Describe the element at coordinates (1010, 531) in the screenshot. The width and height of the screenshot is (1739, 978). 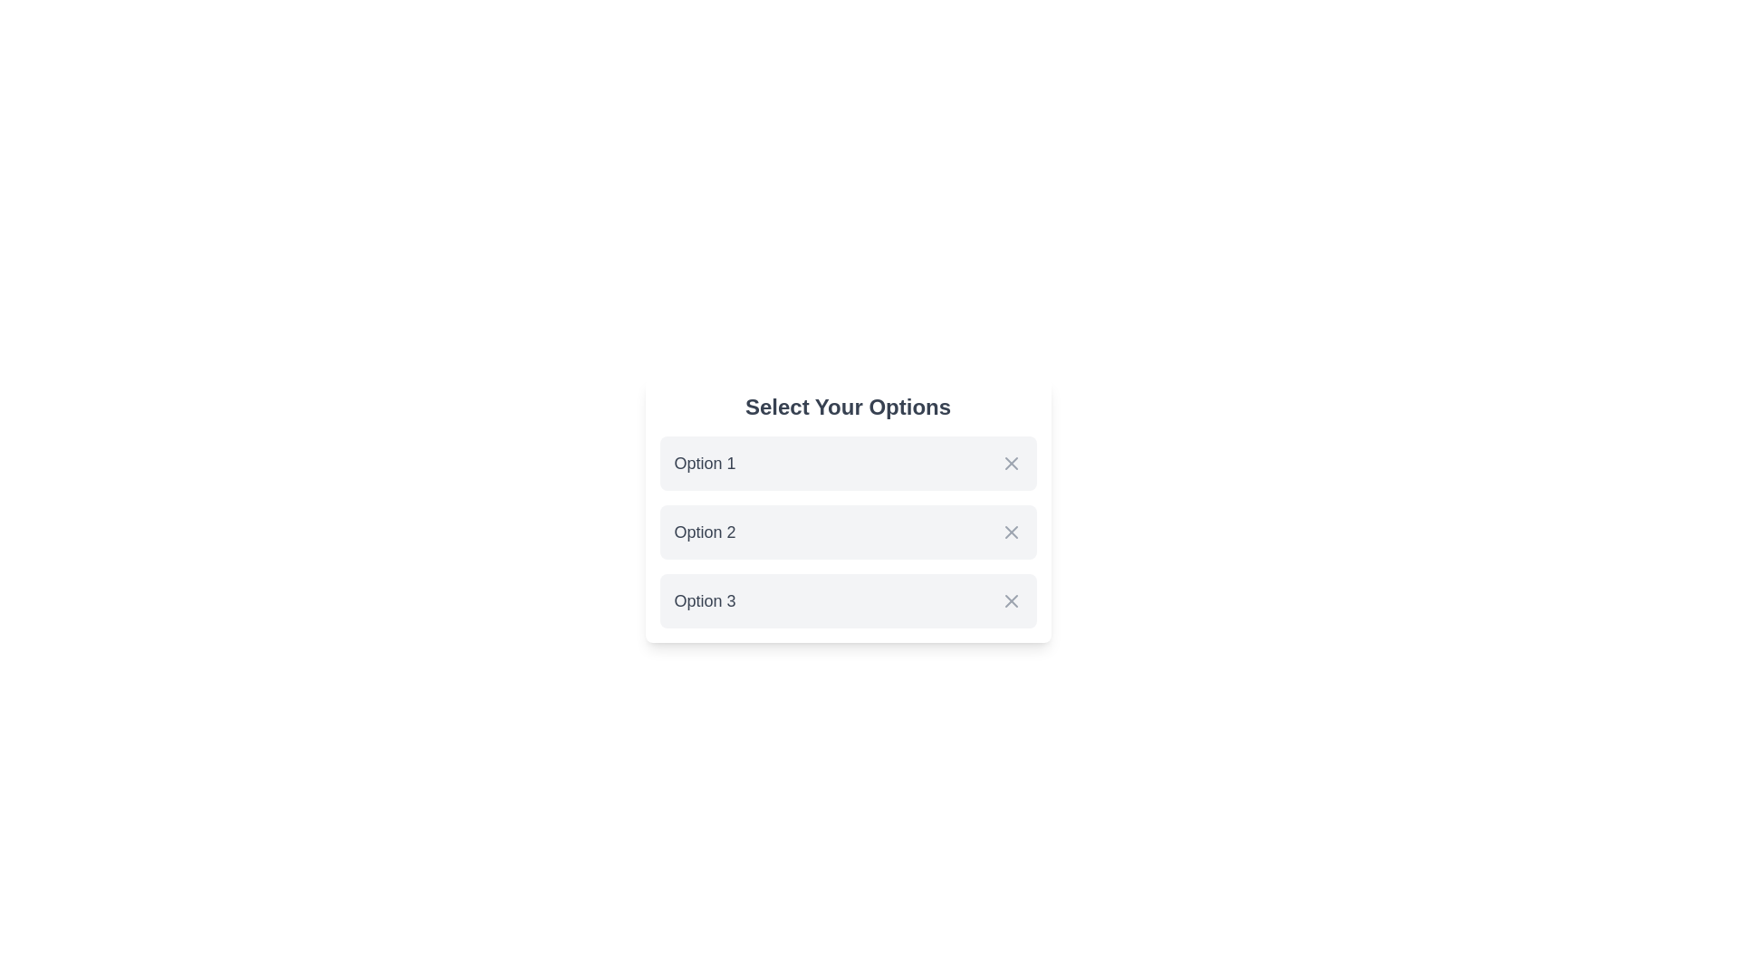
I see `the 'X' icon in the top-right corner associated with the 'Option 2' item to potentially display a tooltip or change its visual state` at that location.